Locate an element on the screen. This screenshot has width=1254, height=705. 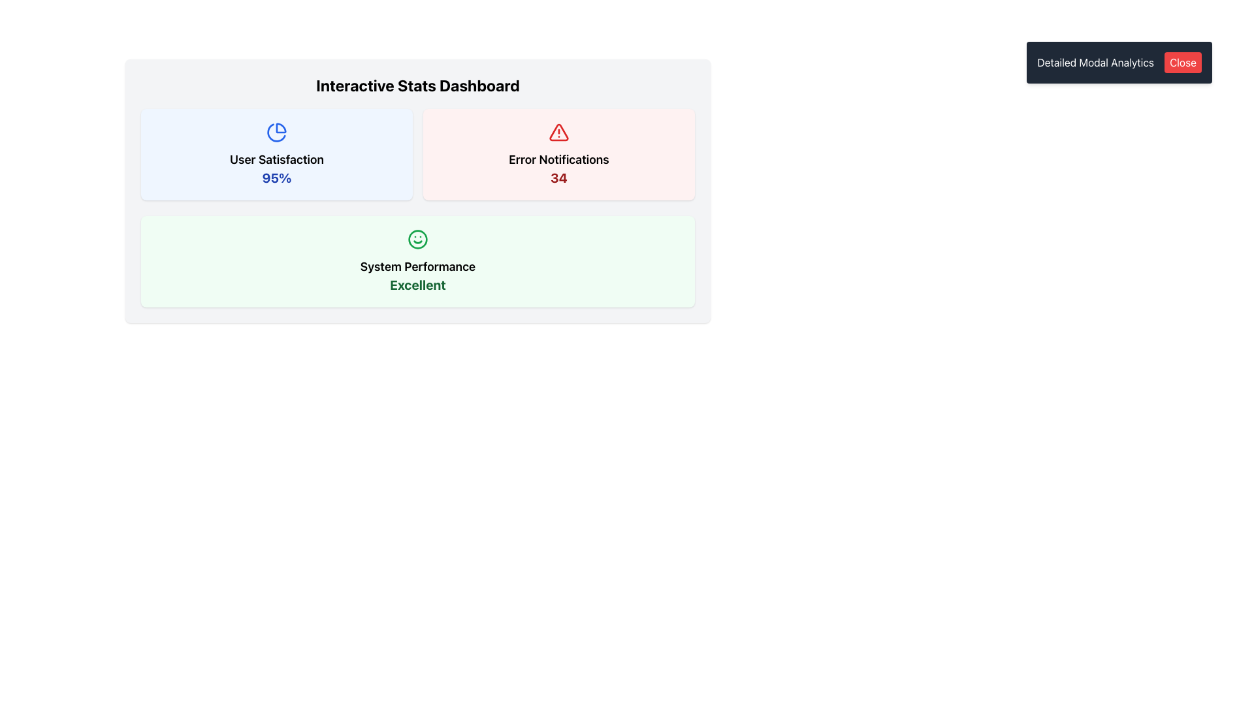
the bold, red number '34' displayed in the notification card is located at coordinates (558, 178).